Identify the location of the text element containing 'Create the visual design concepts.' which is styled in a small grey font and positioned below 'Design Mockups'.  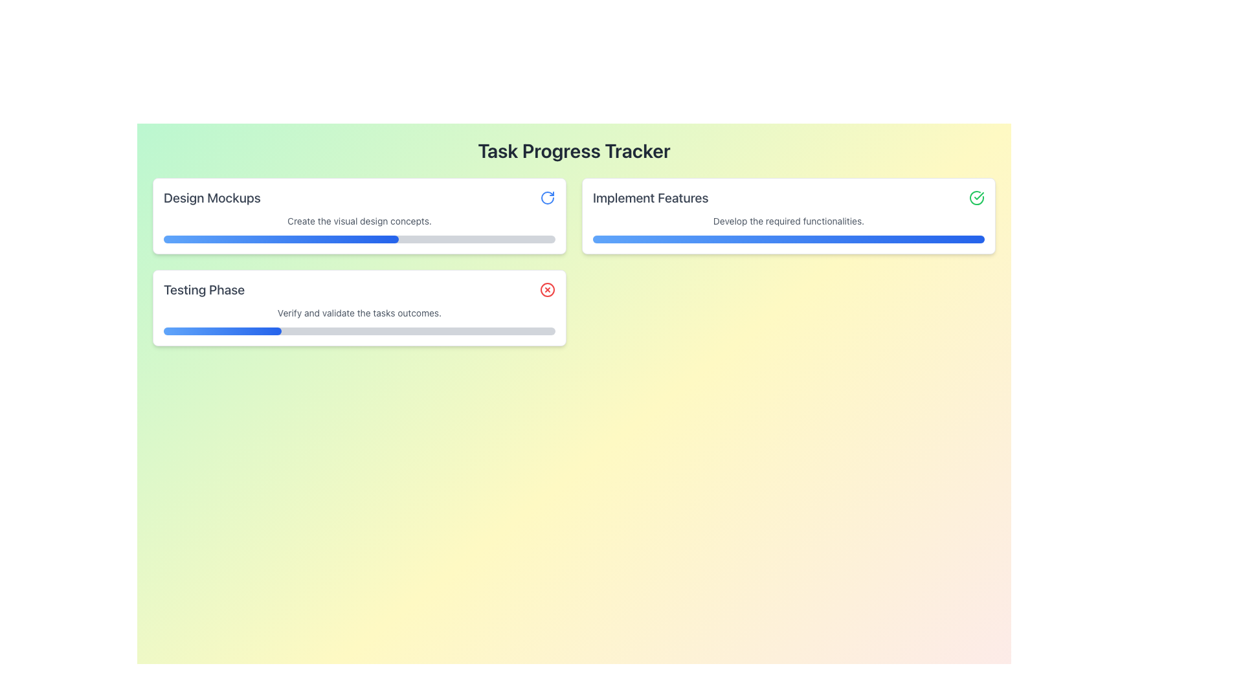
(359, 221).